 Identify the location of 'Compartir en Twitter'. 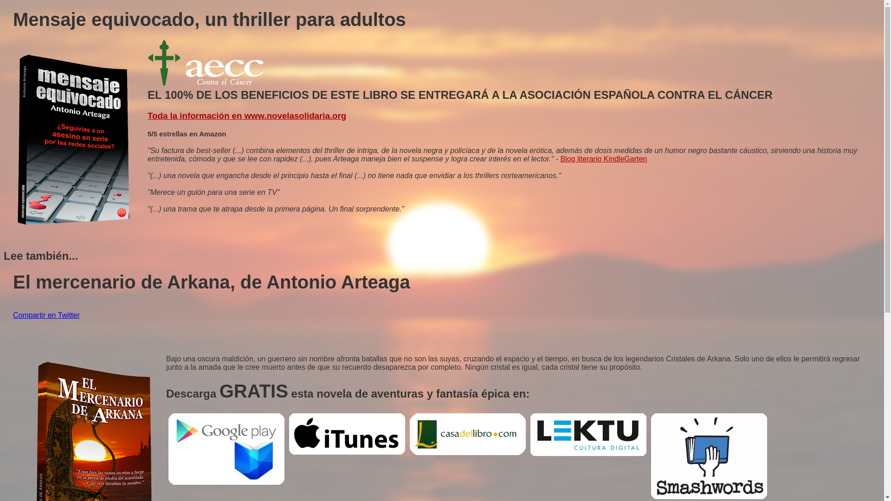
(46, 315).